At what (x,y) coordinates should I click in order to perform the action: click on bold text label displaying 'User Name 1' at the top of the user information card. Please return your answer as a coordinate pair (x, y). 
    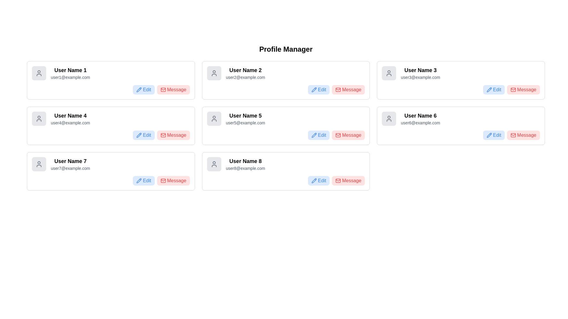
    Looking at the image, I should click on (70, 70).